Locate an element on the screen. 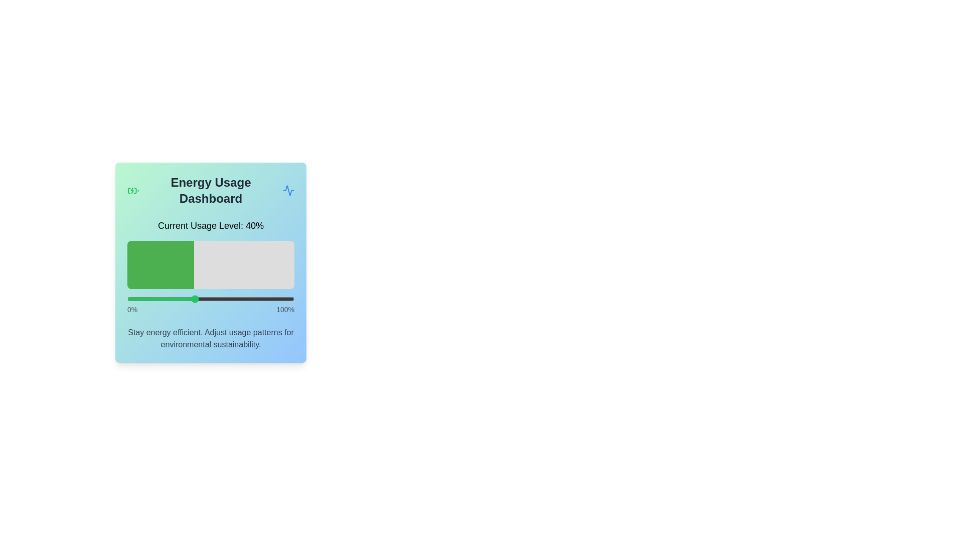 The height and width of the screenshot is (542, 963). the battery_charging icon in the header is located at coordinates (132, 191).